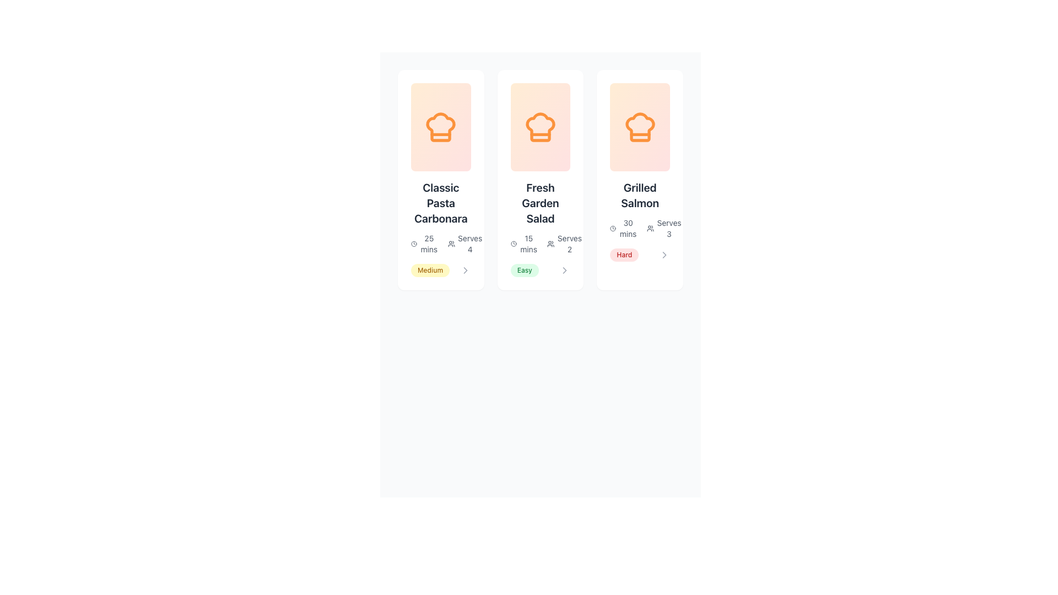  What do you see at coordinates (470, 244) in the screenshot?
I see `the text label displaying the serving size for the 'Classic Pasta Carbonara' recipe, located beside the time indicator ('25 mins')` at bounding box center [470, 244].